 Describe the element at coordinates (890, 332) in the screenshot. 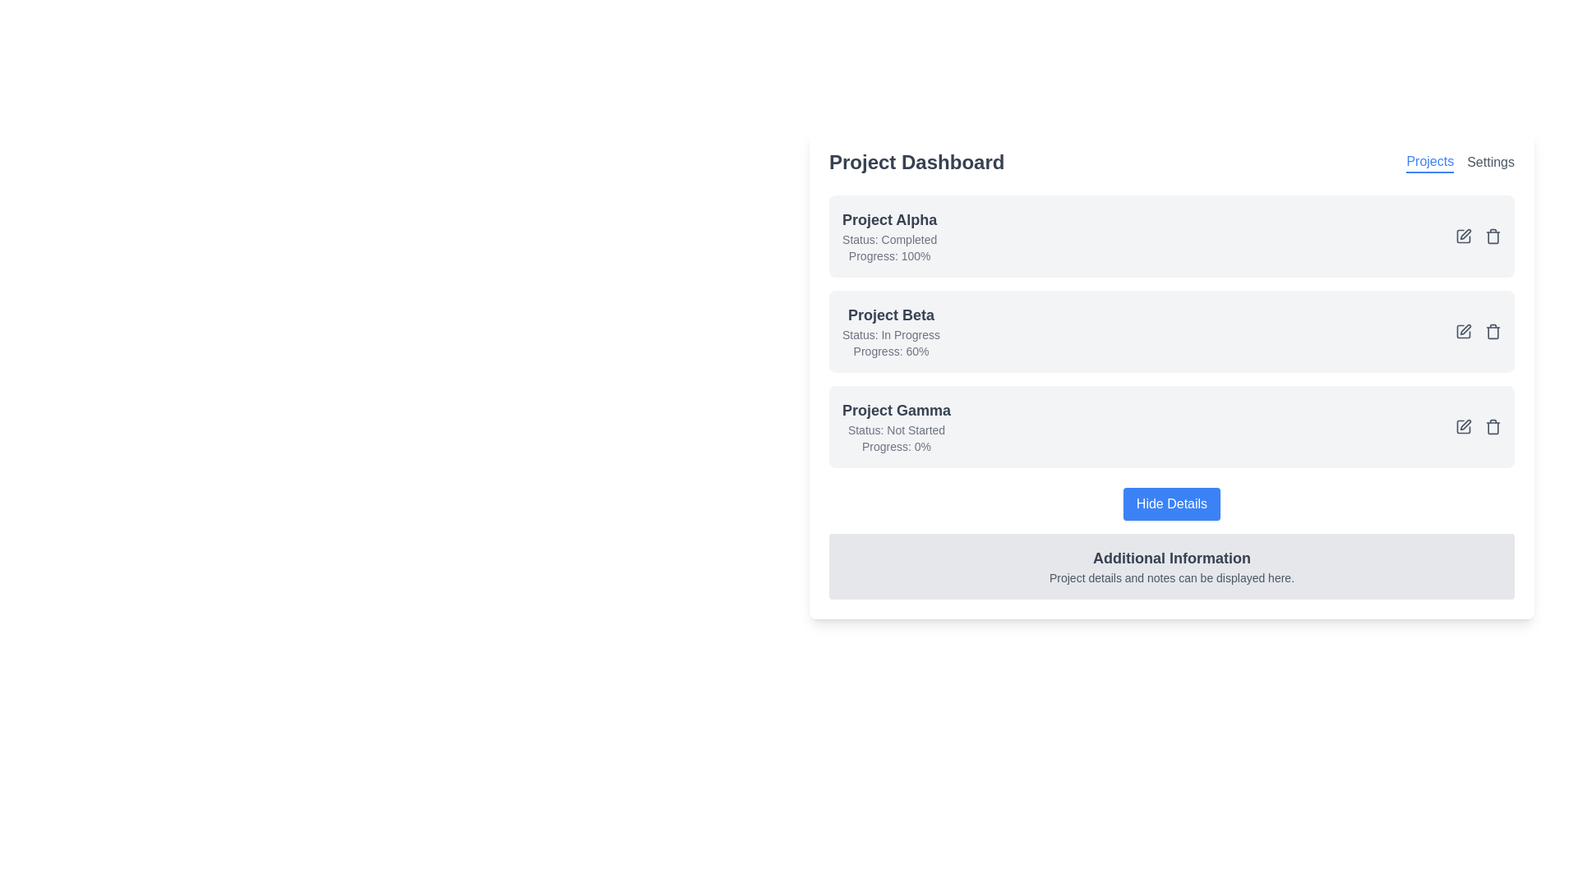

I see `information displayed in the text block about 'Project Beta', which includes its current status 'In Progress' and completion progress '60%', located in the second project card of the 'Project Dashboard'` at that location.